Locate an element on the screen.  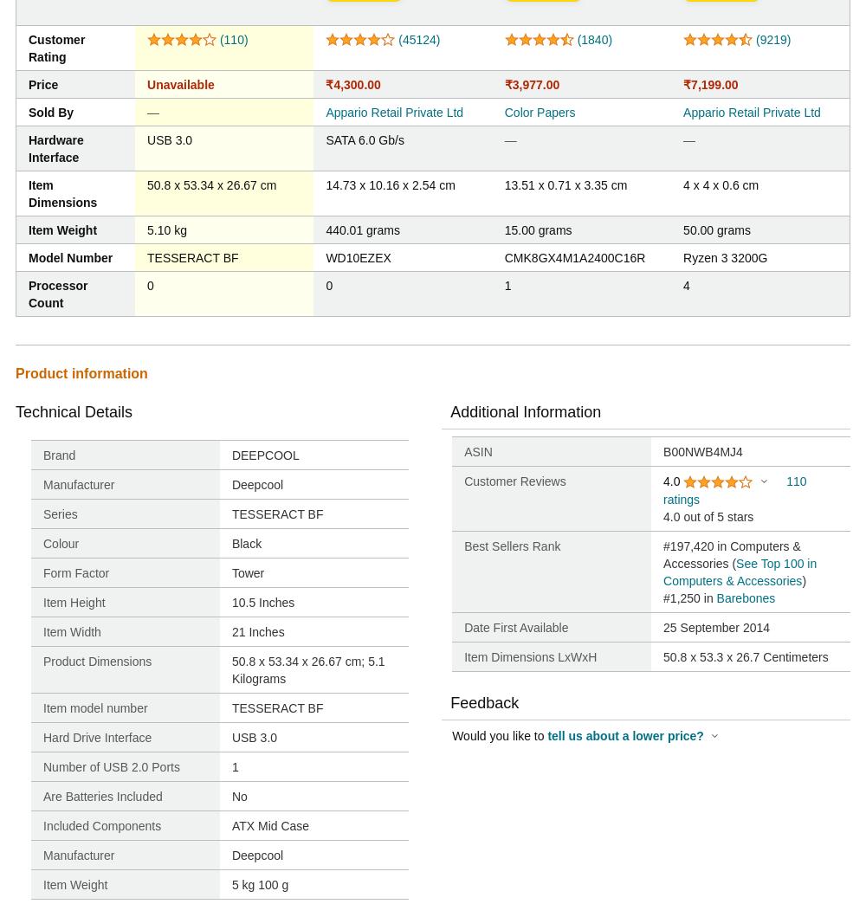
'110 ratings' is located at coordinates (663, 489).